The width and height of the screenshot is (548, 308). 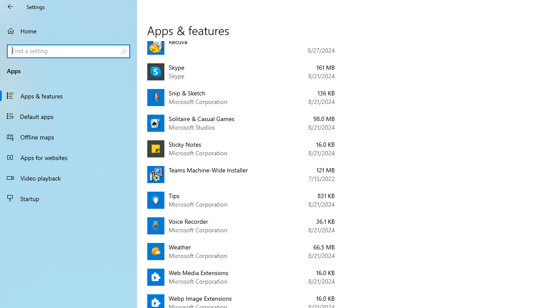 I want to click on 'Home', so click(x=68, y=30).